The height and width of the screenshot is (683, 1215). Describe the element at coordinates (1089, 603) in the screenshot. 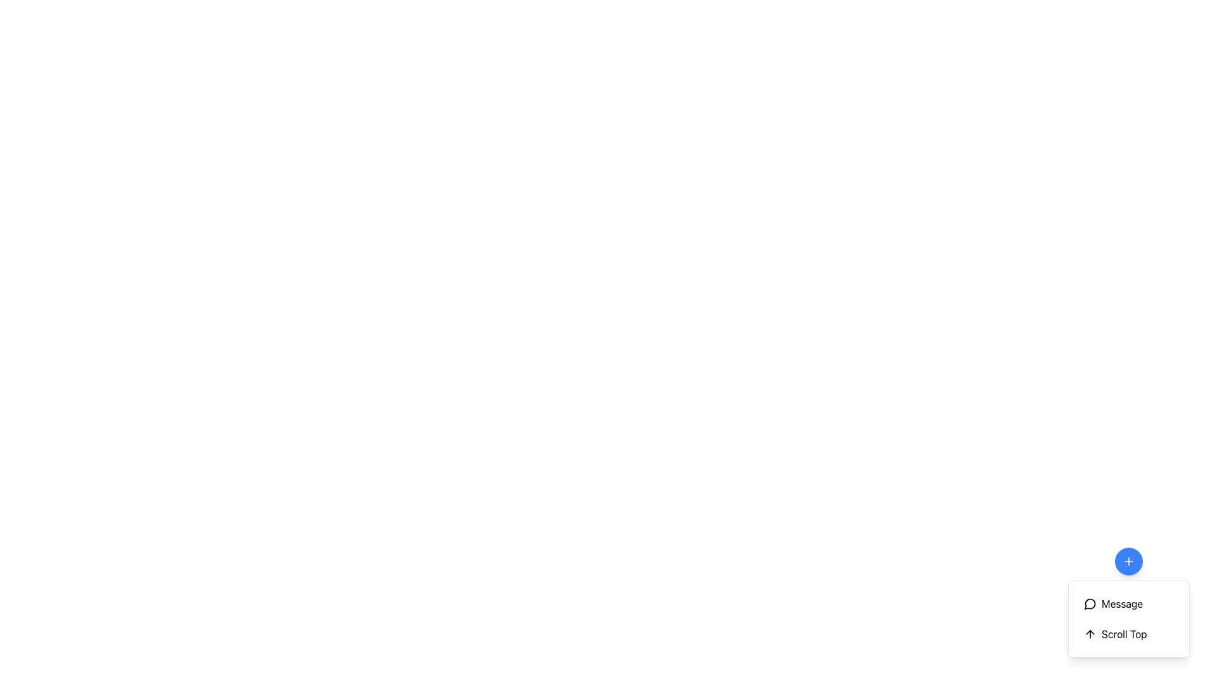

I see `the tail of the speech bubble icon located at the bottom-left portion of the icon, which is part of the messaging or comment function` at that location.